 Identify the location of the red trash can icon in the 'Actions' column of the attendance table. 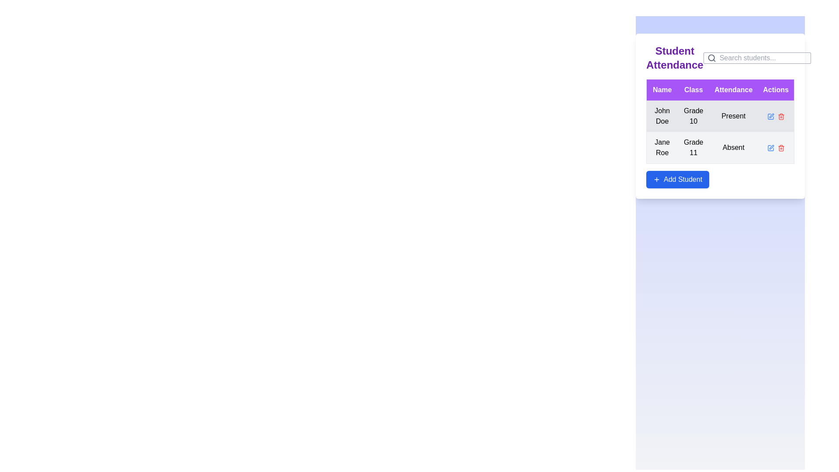
(781, 147).